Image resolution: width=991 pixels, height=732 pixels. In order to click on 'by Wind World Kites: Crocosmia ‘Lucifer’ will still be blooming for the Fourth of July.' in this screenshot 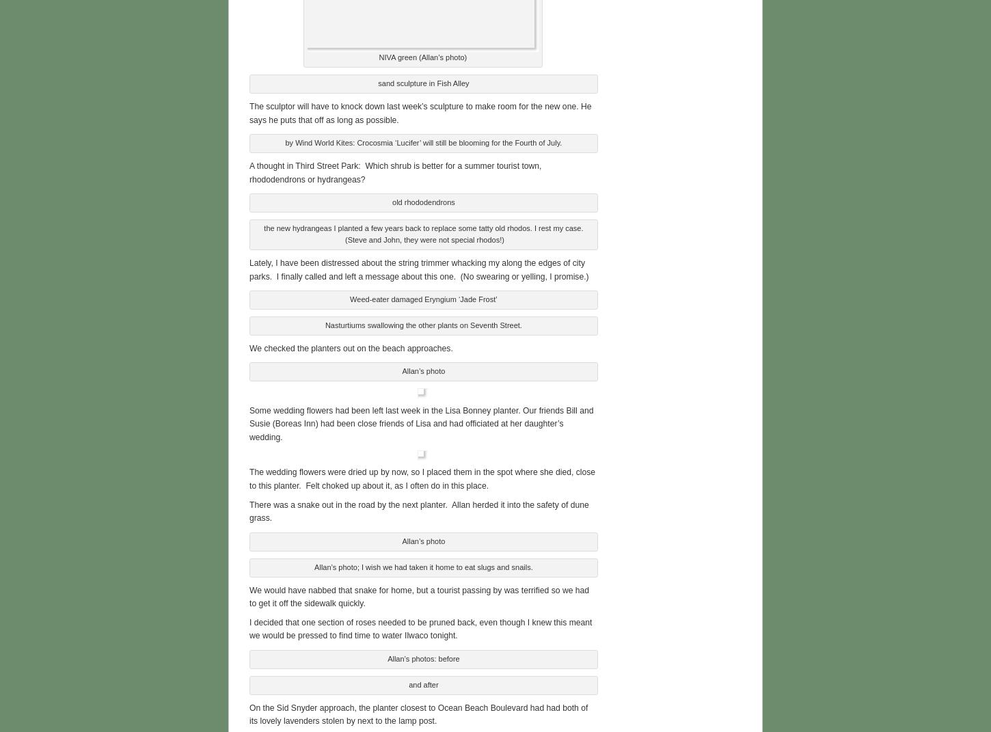, I will do `click(284, 141)`.